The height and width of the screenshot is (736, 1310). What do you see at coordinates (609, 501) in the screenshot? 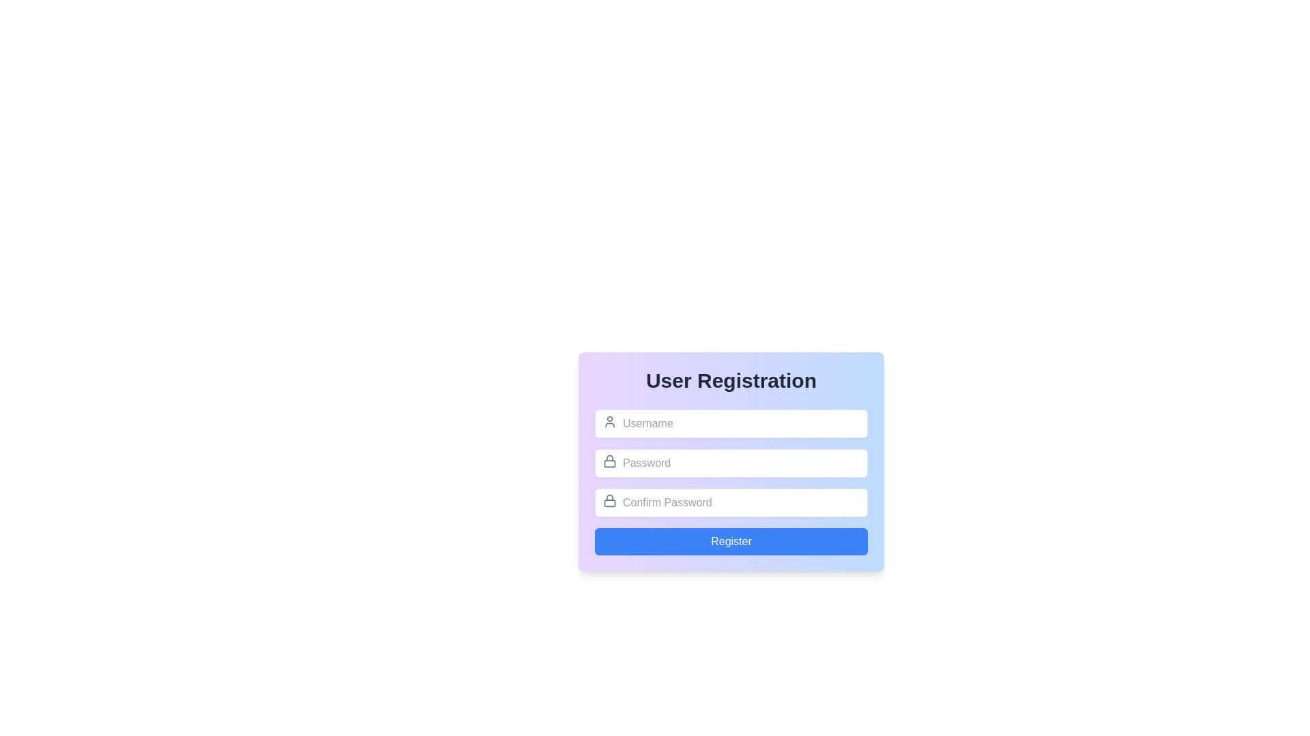
I see `lock icon located at the top-left corner of the 'Confirm Password' input field for visual cues` at bounding box center [609, 501].